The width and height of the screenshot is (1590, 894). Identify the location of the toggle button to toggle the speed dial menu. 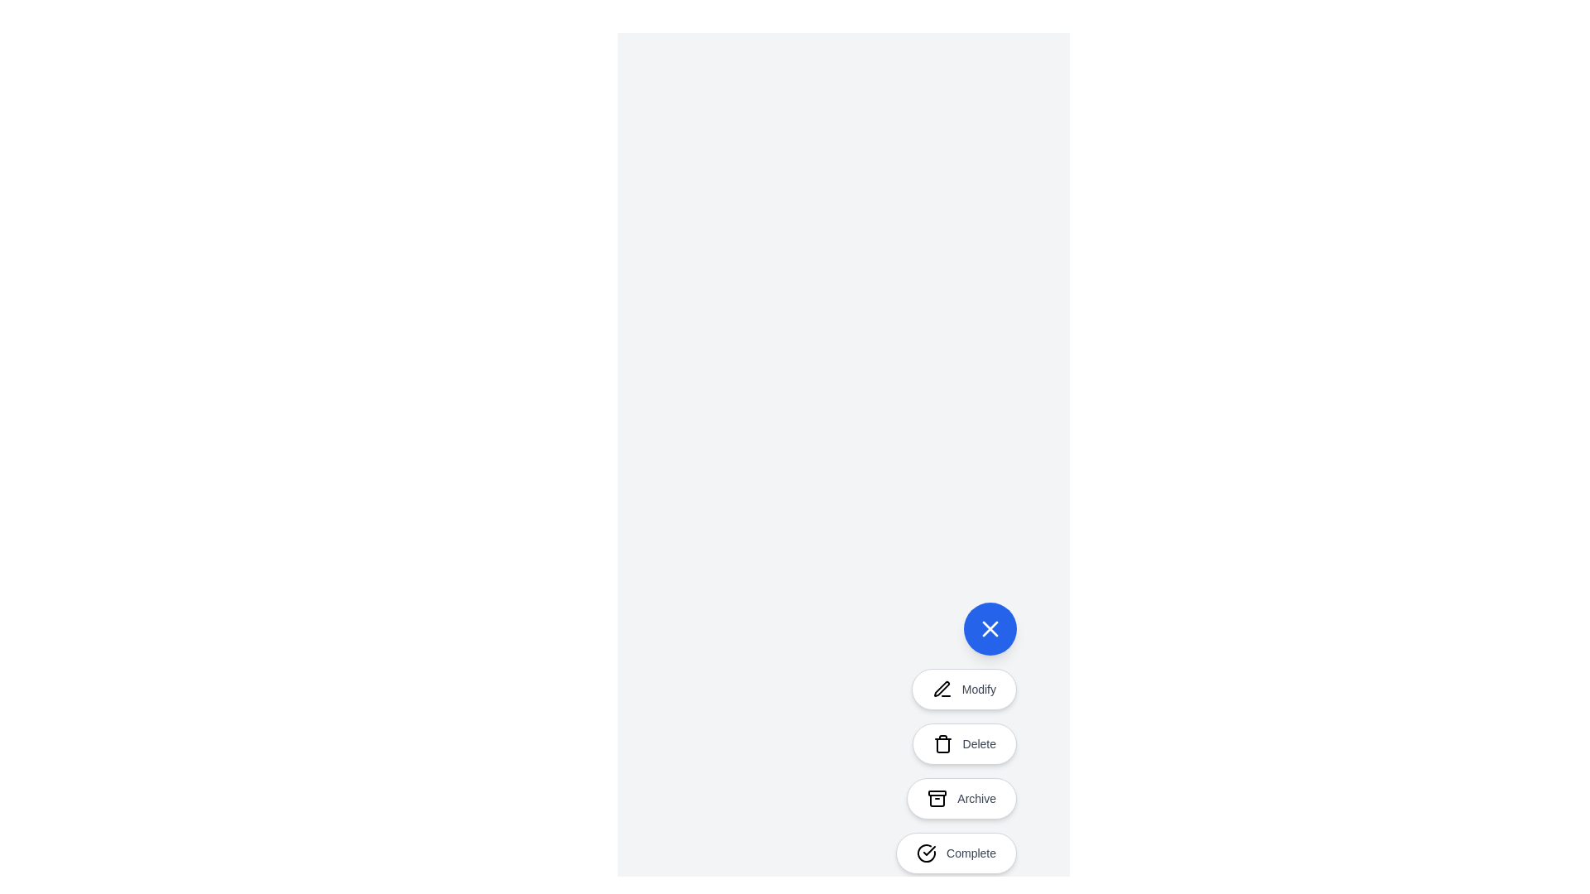
(990, 628).